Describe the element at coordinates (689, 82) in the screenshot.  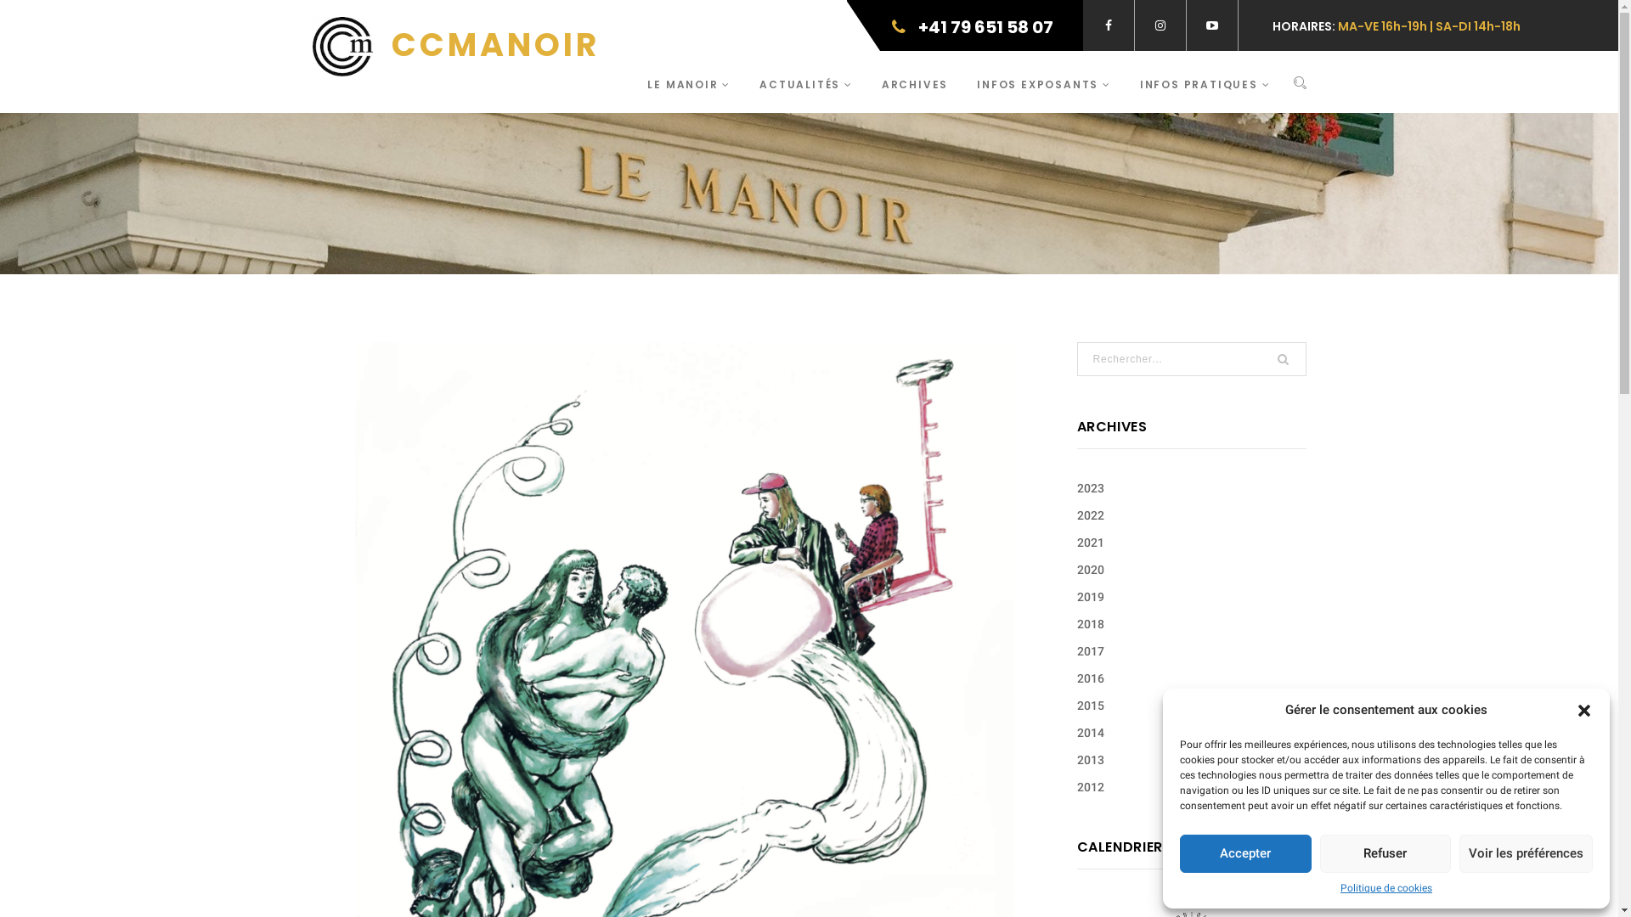
I see `'LE MANOIR'` at that location.